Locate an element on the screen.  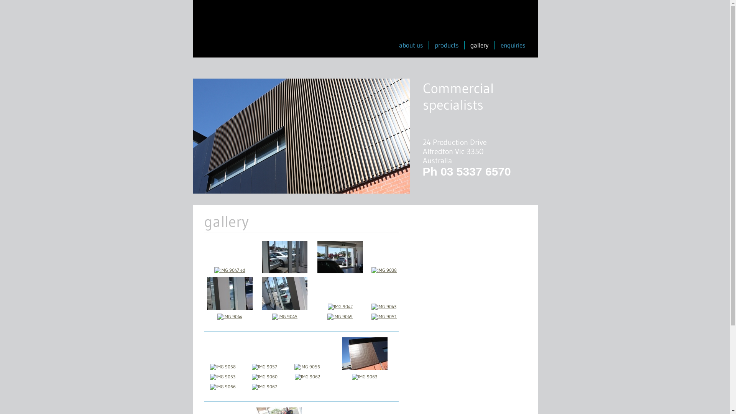
'IMG 9058' is located at coordinates (210, 366).